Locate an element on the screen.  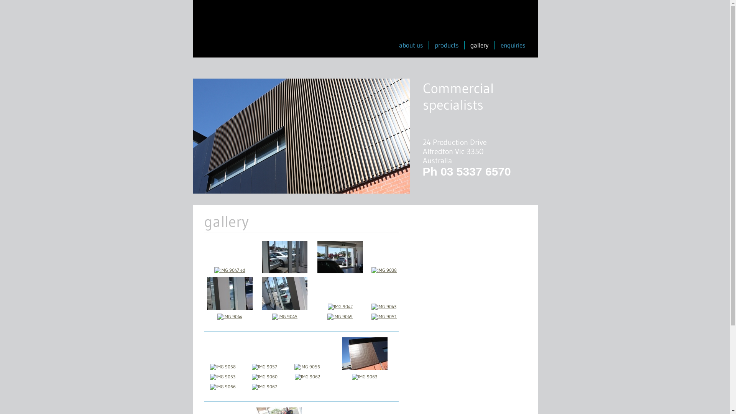
'IMG 9058' is located at coordinates (210, 366).